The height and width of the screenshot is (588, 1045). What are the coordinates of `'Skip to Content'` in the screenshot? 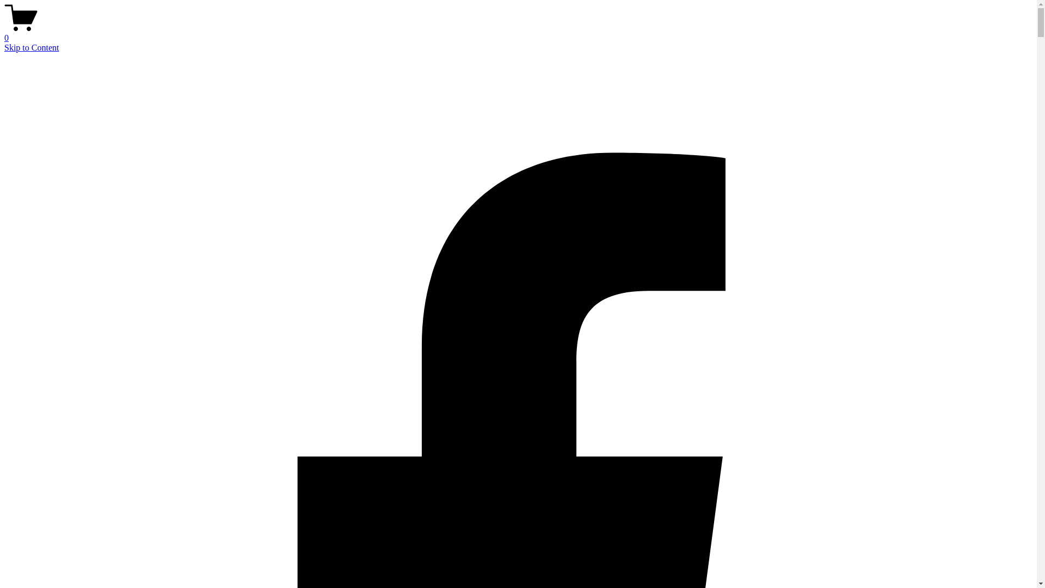 It's located at (4, 47).